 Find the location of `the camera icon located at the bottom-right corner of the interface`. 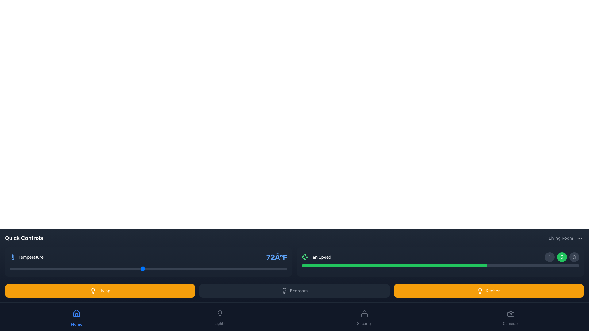

the camera icon located at the bottom-right corner of the interface is located at coordinates (510, 314).